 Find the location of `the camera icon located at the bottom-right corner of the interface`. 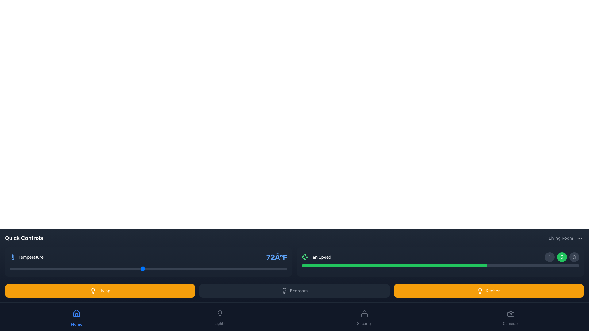

the camera icon located at the bottom-right corner of the interface is located at coordinates (510, 314).